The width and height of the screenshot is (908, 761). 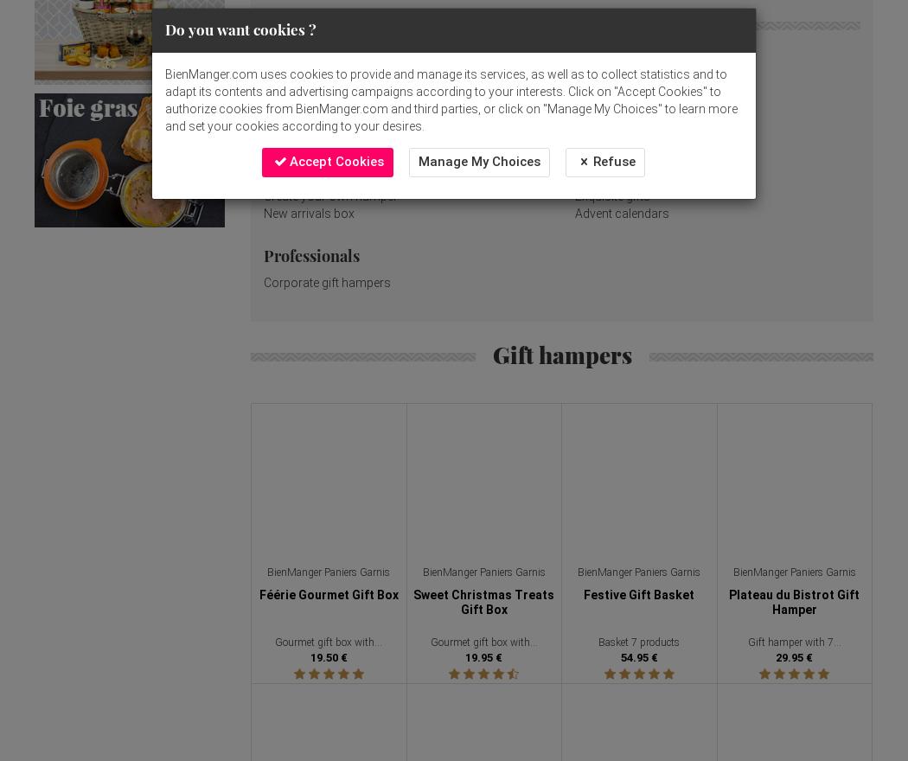 I want to click on 'Gift ideas', so click(x=573, y=82).